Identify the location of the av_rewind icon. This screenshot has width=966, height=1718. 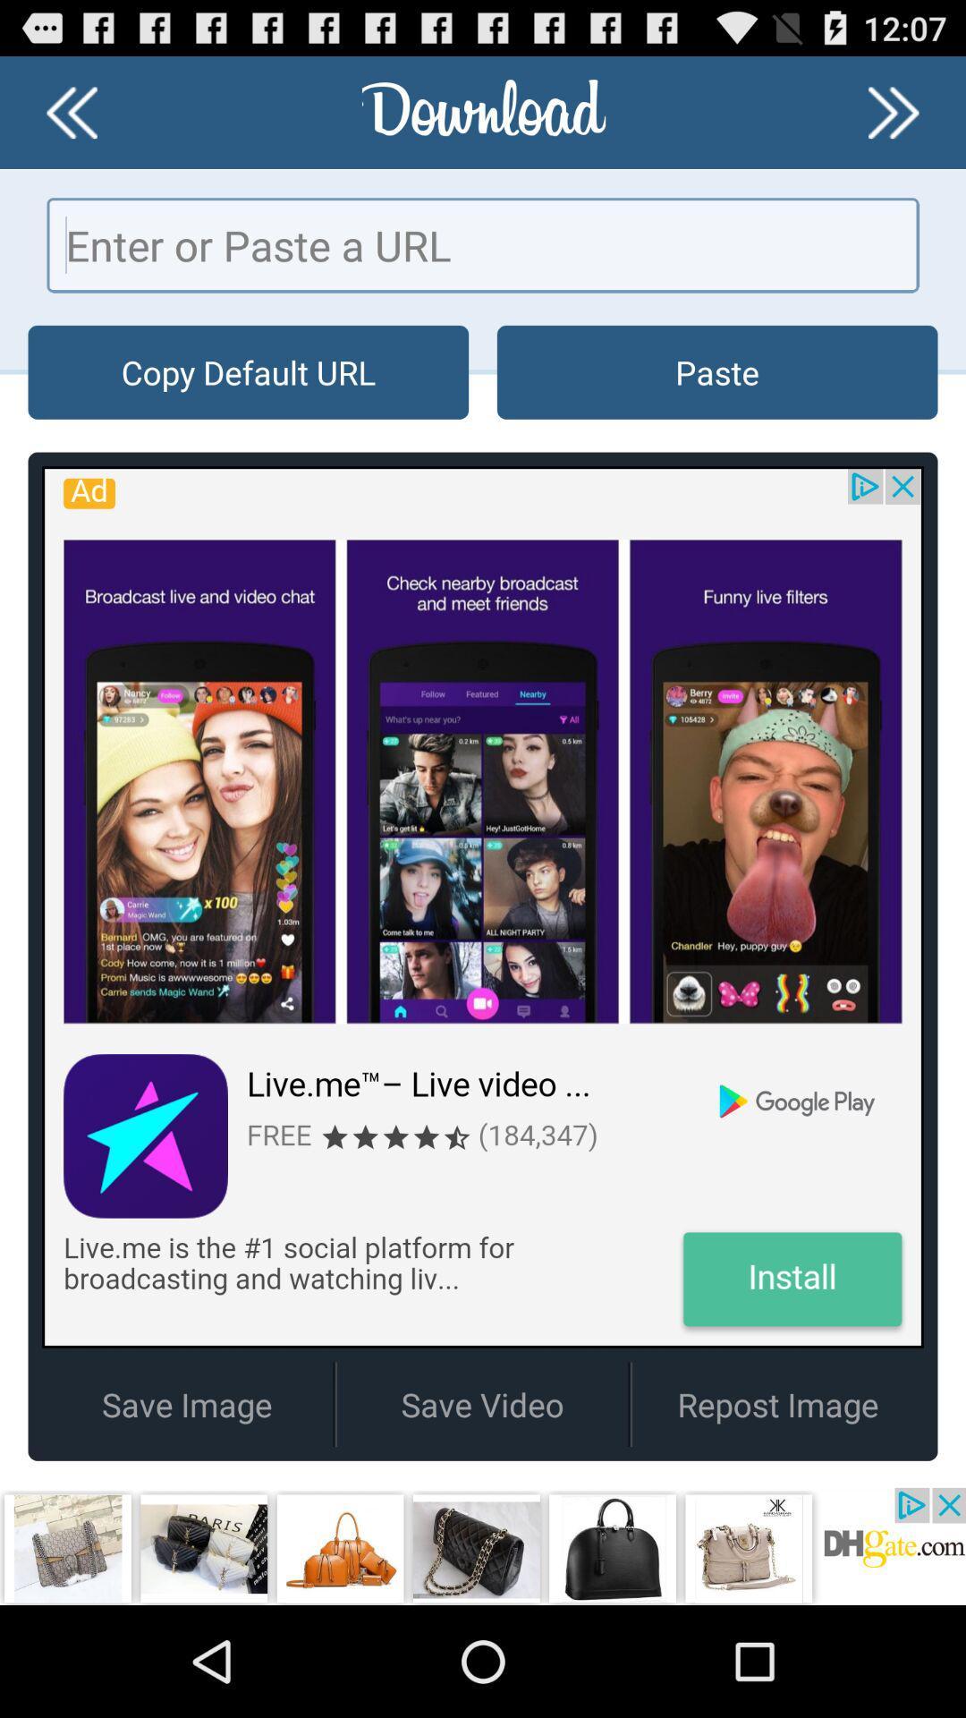
(71, 119).